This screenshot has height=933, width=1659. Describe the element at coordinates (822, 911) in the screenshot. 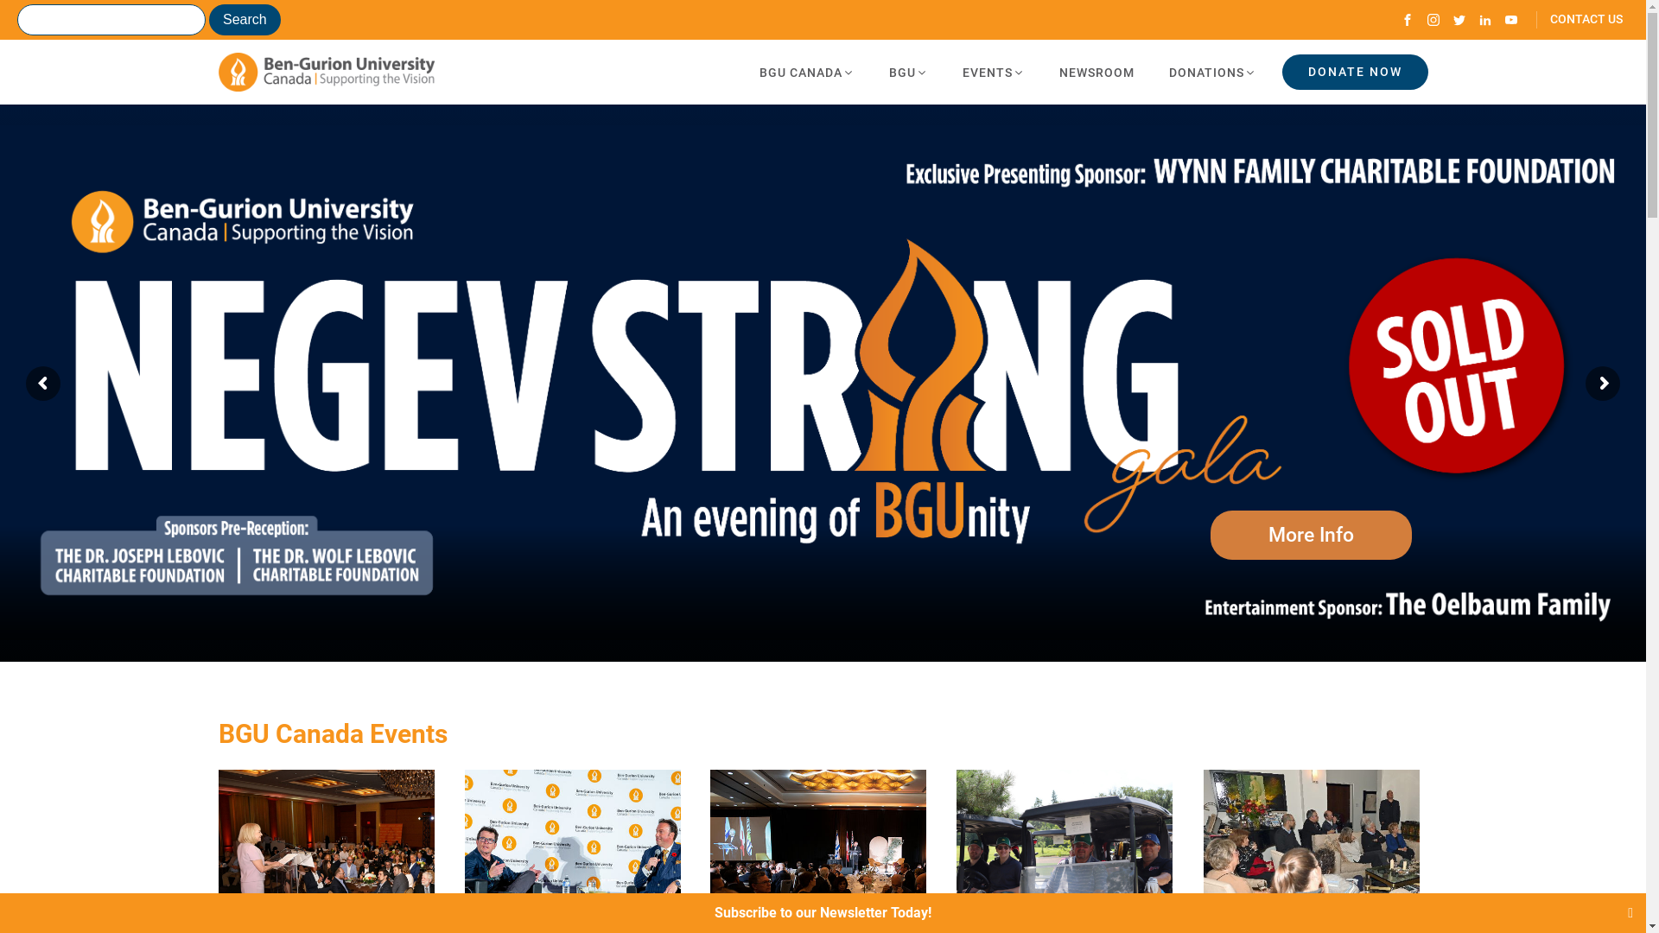

I see `'Subscribe to our Newsletter Today!'` at that location.